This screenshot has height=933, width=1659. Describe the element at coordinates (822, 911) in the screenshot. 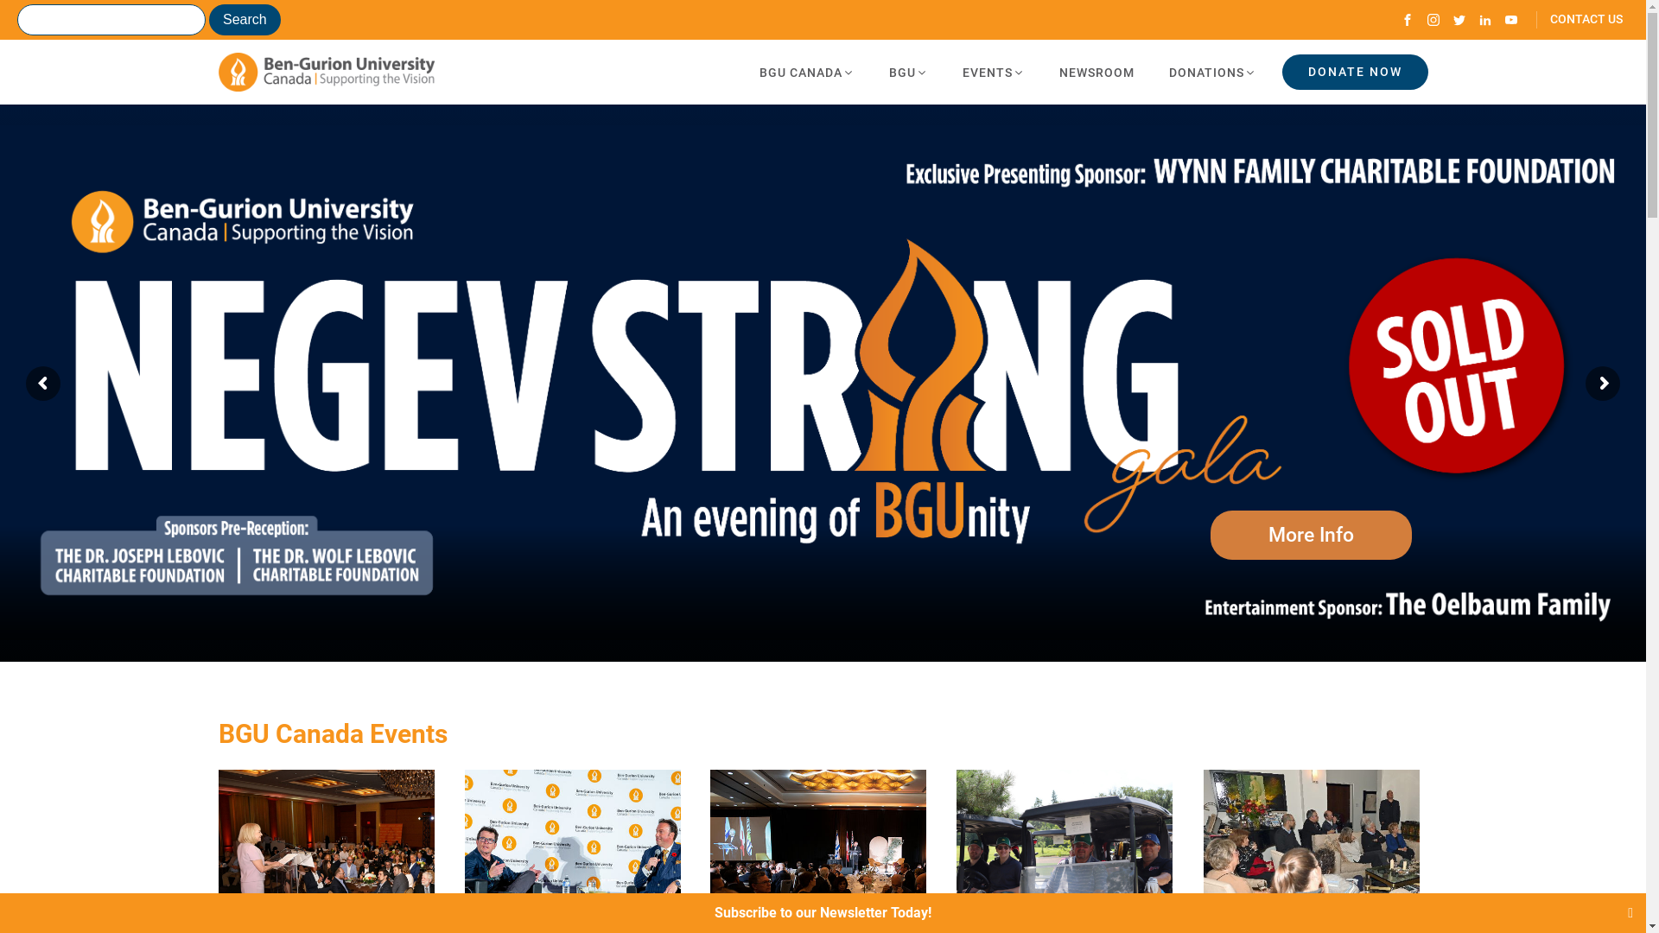

I see `'Subscribe to our Newsletter Today!'` at that location.